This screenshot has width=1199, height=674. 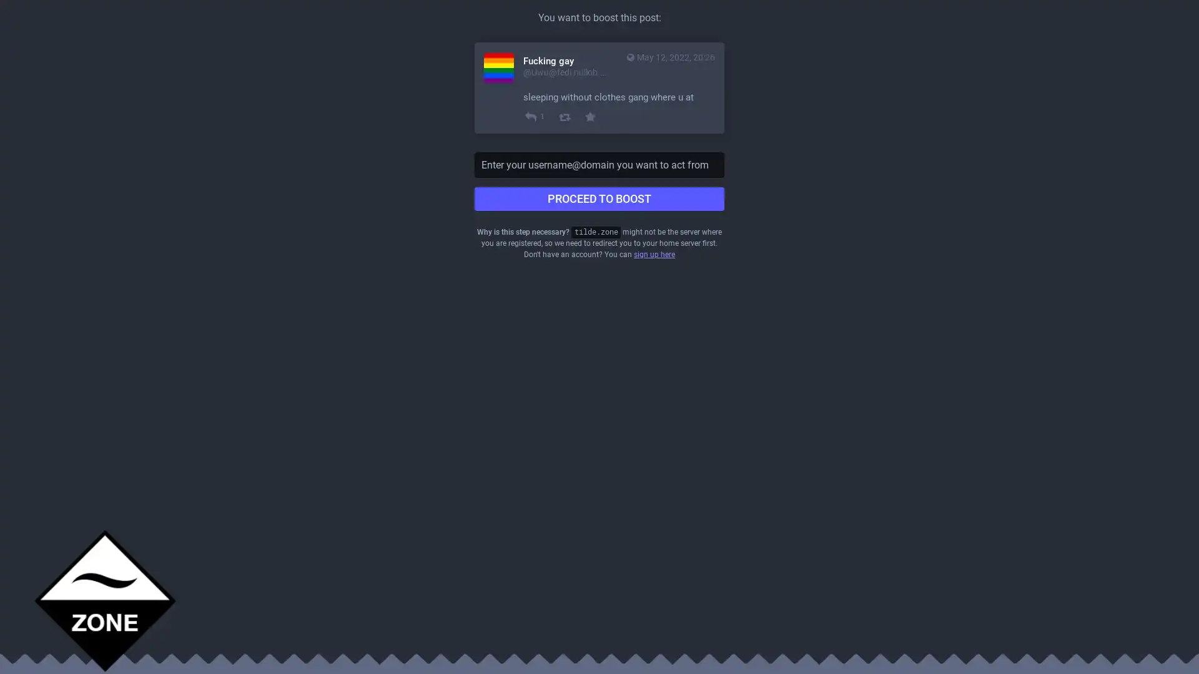 I want to click on PROCEED TO BOOST, so click(x=599, y=198).